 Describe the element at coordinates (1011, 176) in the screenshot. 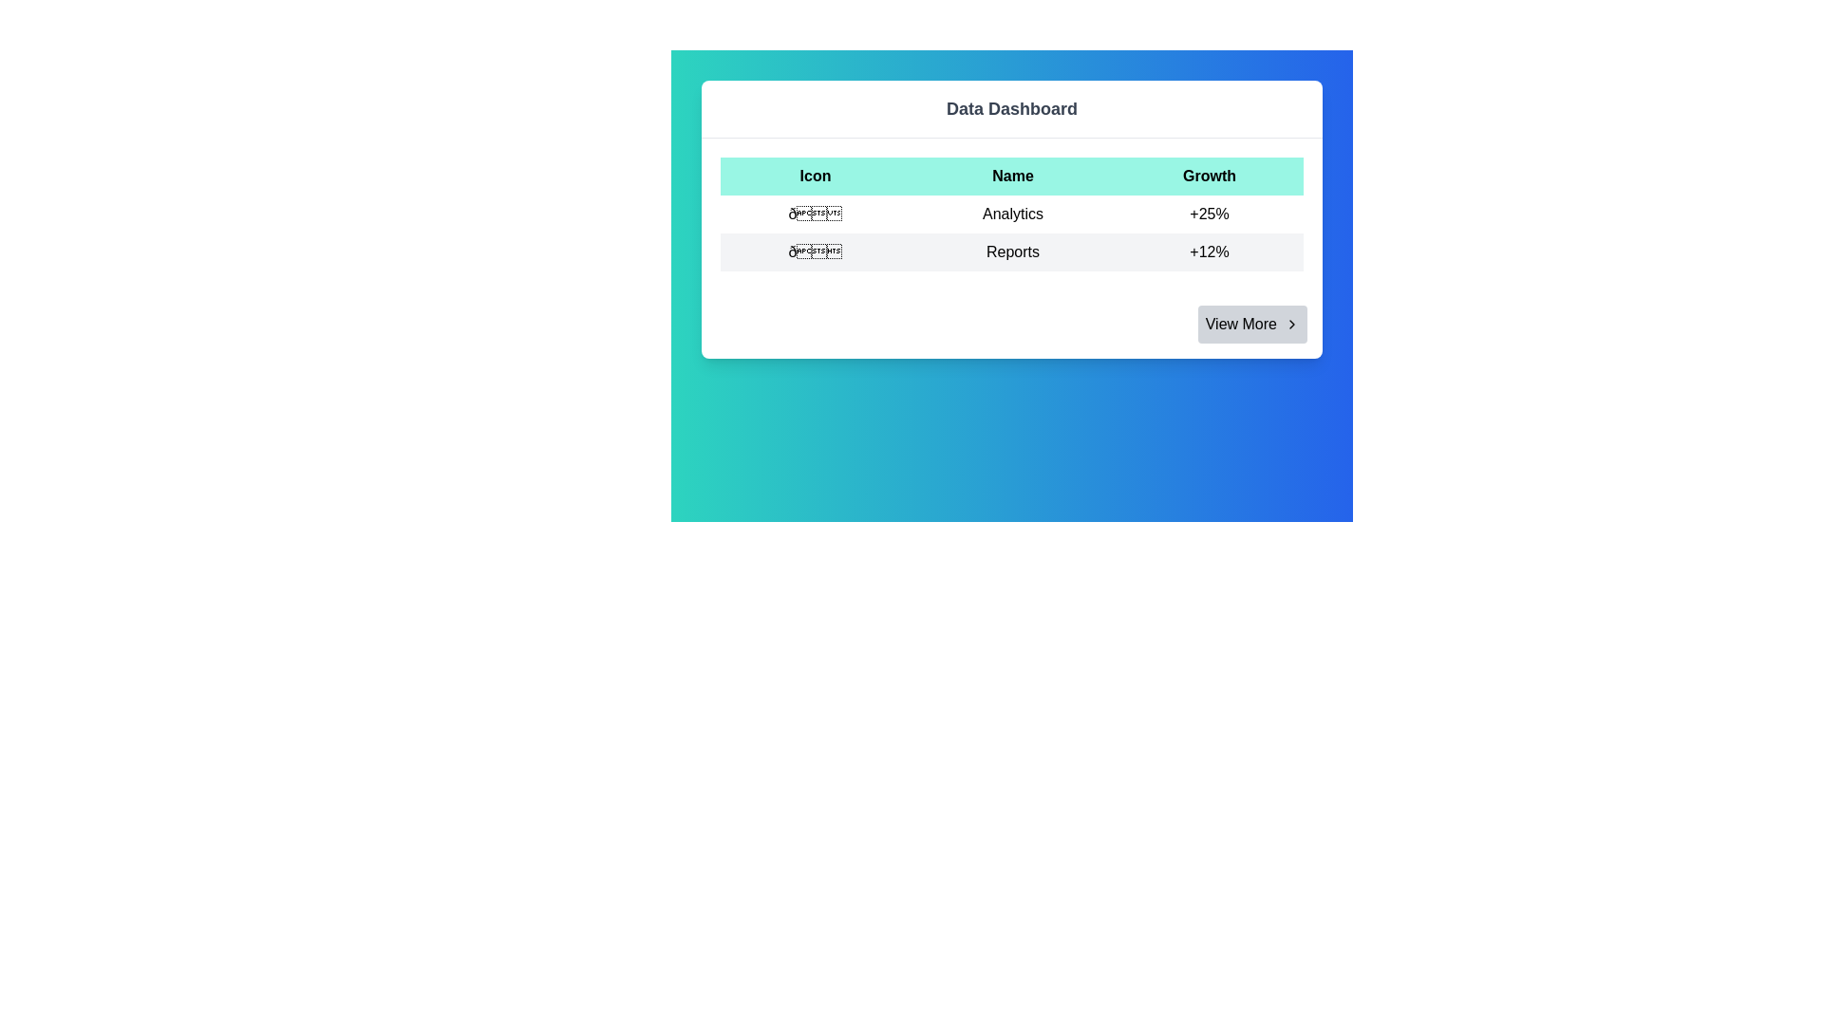

I see `the second header in a row of three, which indicates names data, located between 'Icon' and 'Growth'` at that location.